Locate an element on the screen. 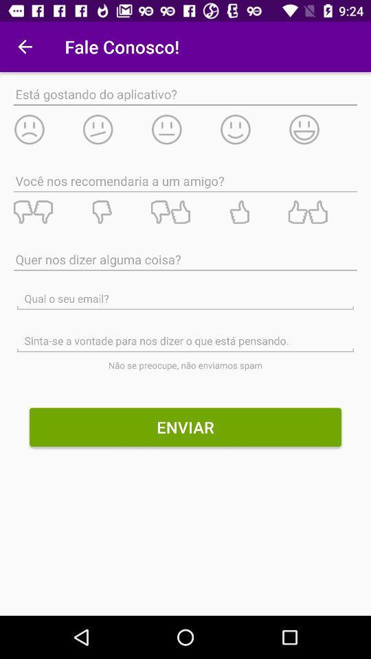 The width and height of the screenshot is (371, 659). mostly satisfied is located at coordinates (253, 129).